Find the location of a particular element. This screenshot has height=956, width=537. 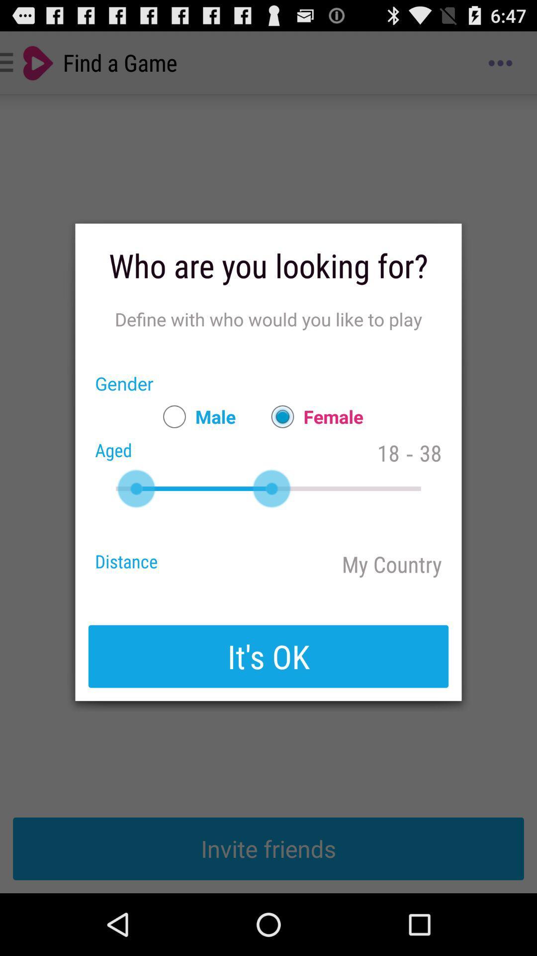

the item next to 18 icon is located at coordinates (312, 416).